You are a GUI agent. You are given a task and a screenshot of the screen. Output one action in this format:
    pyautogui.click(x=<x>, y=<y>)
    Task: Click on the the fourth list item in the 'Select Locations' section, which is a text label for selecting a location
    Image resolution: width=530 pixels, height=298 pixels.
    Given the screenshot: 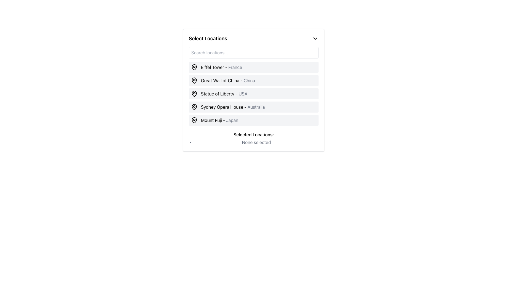 What is the action you would take?
    pyautogui.click(x=233, y=107)
    